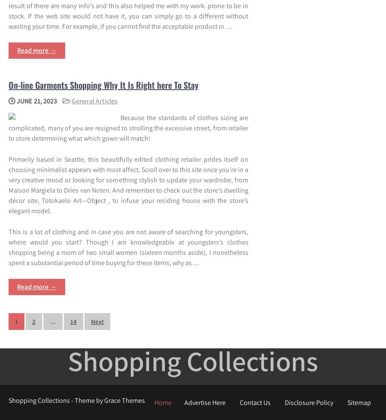  I want to click on '14', so click(73, 320).